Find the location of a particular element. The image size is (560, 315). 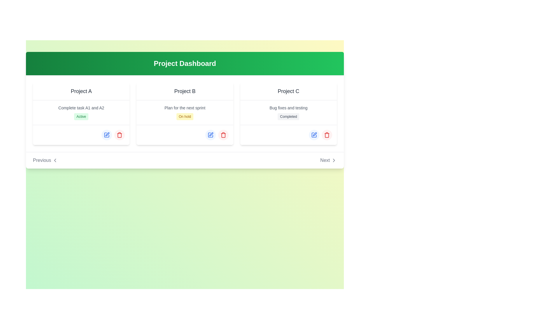

the prominently styled Text label that serves as a title for the rightmost card in the top-center section of the interface is located at coordinates (288, 91).